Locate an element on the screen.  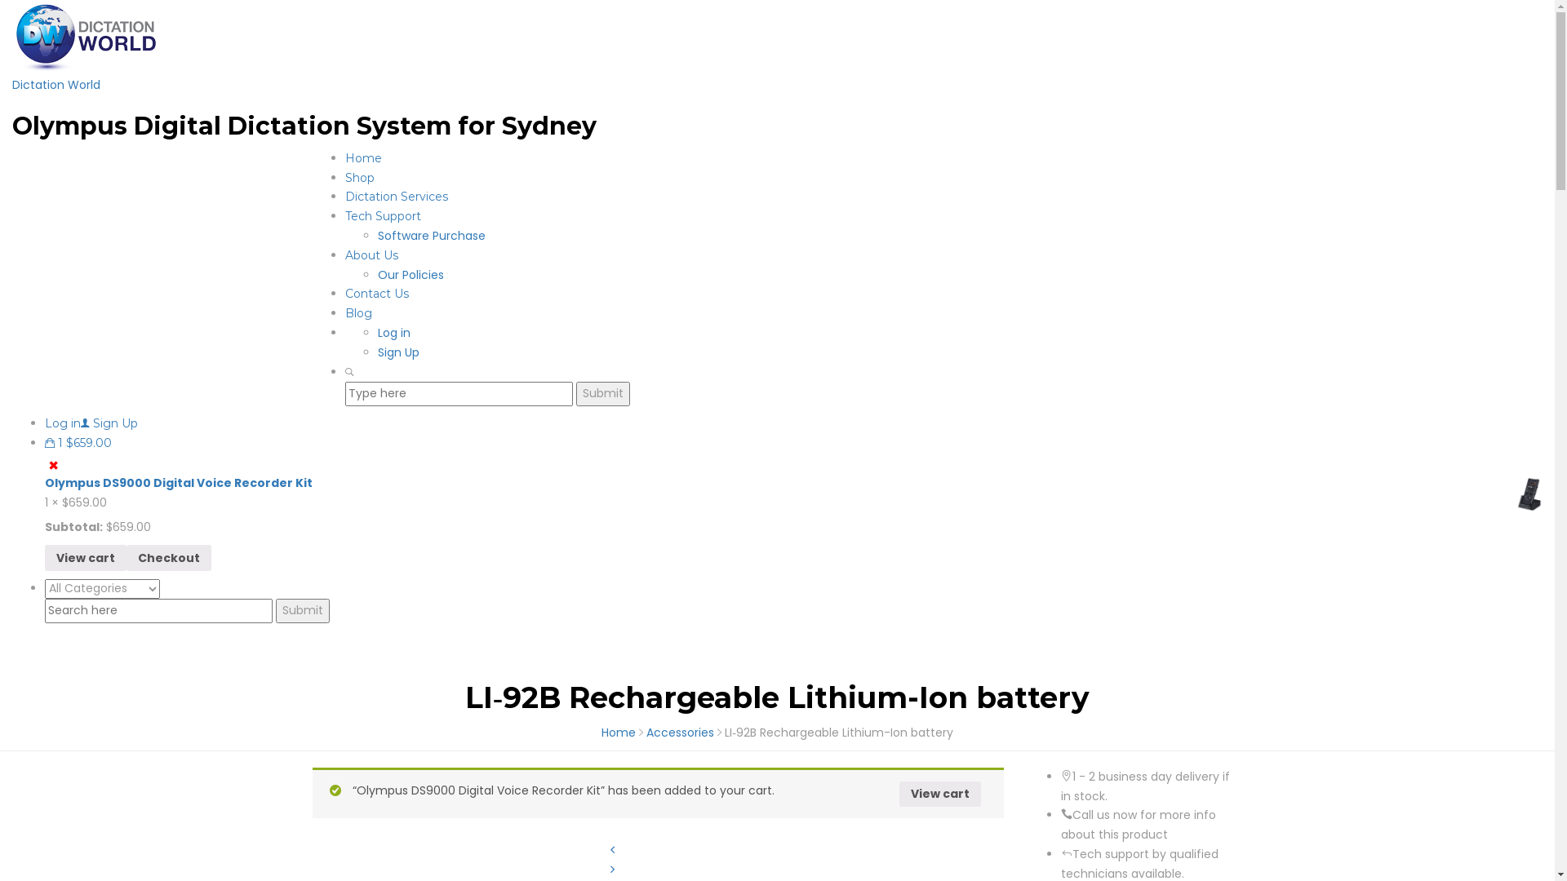
'View cart' is located at coordinates (940, 793).